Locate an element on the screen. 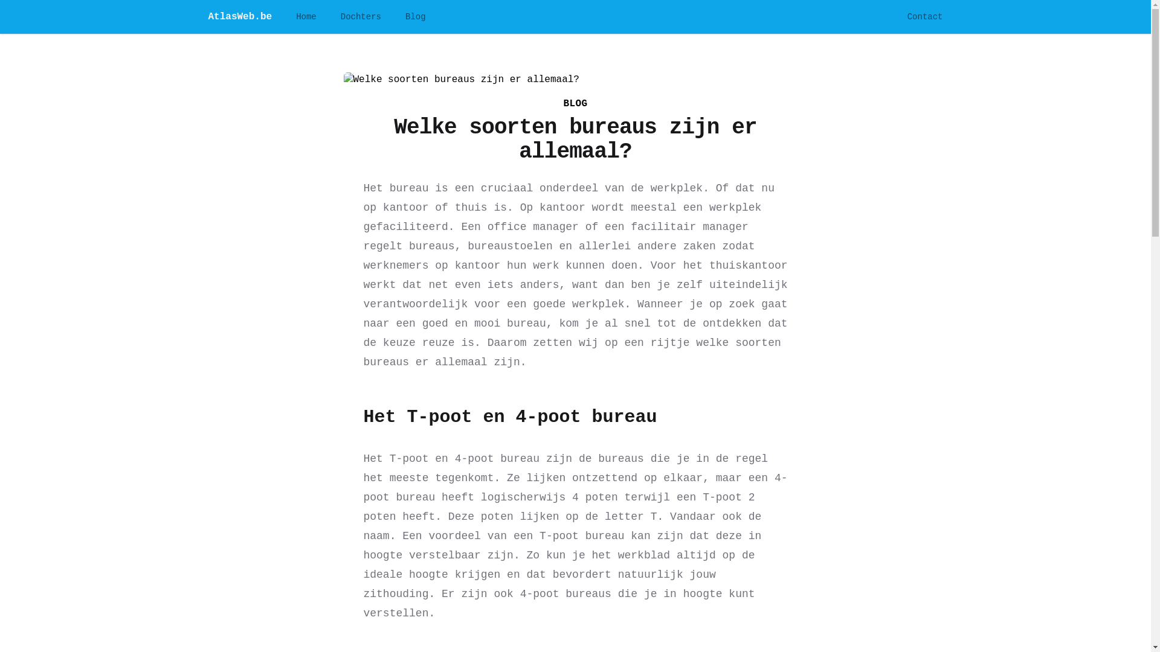 This screenshot has height=652, width=1160. 'Dochters' is located at coordinates (360, 16).